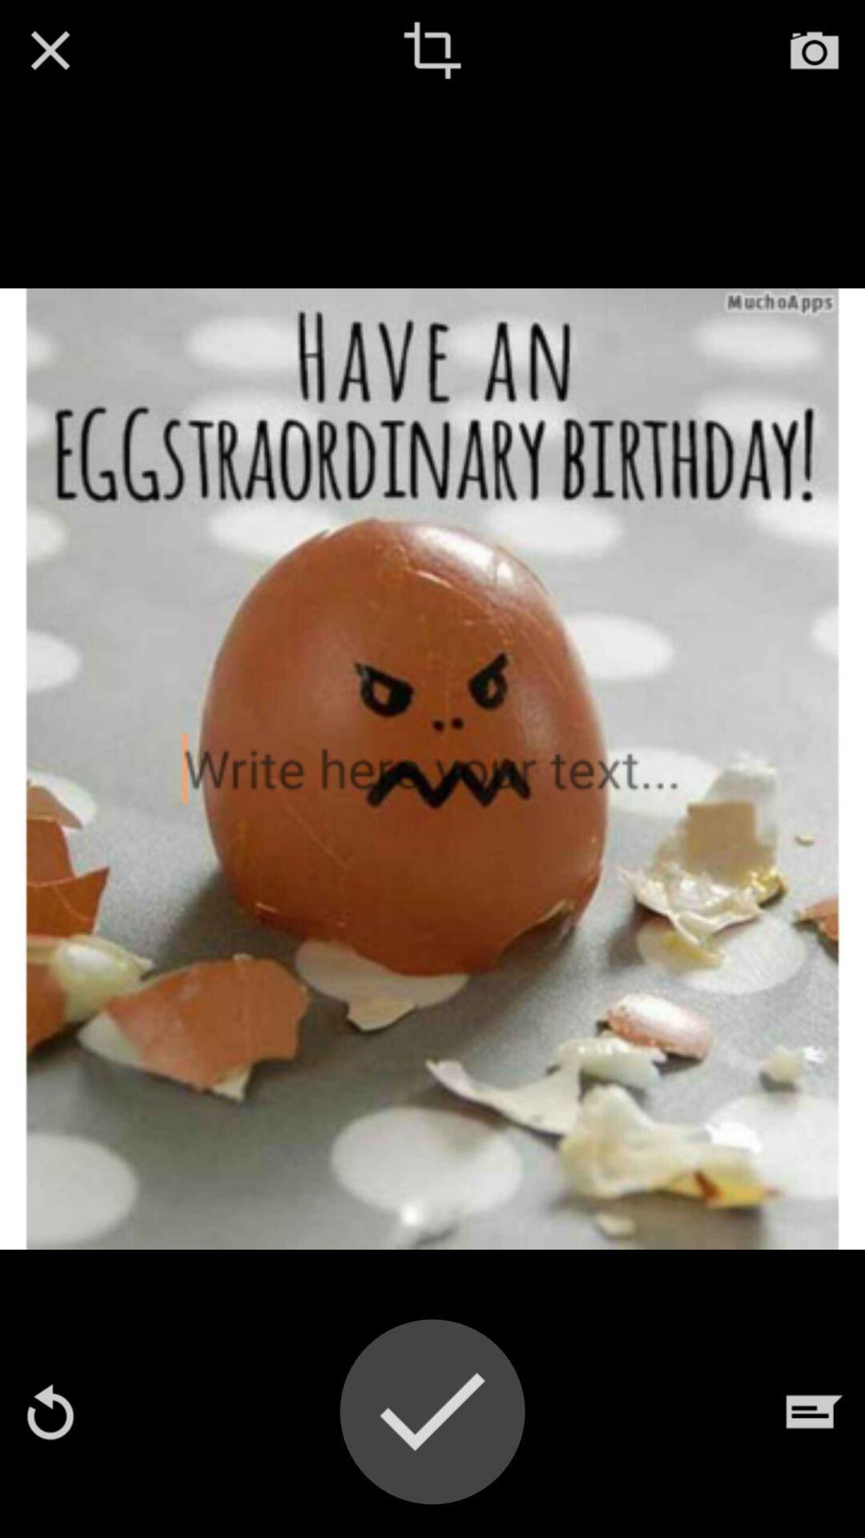  I want to click on crop photo, so click(432, 50).